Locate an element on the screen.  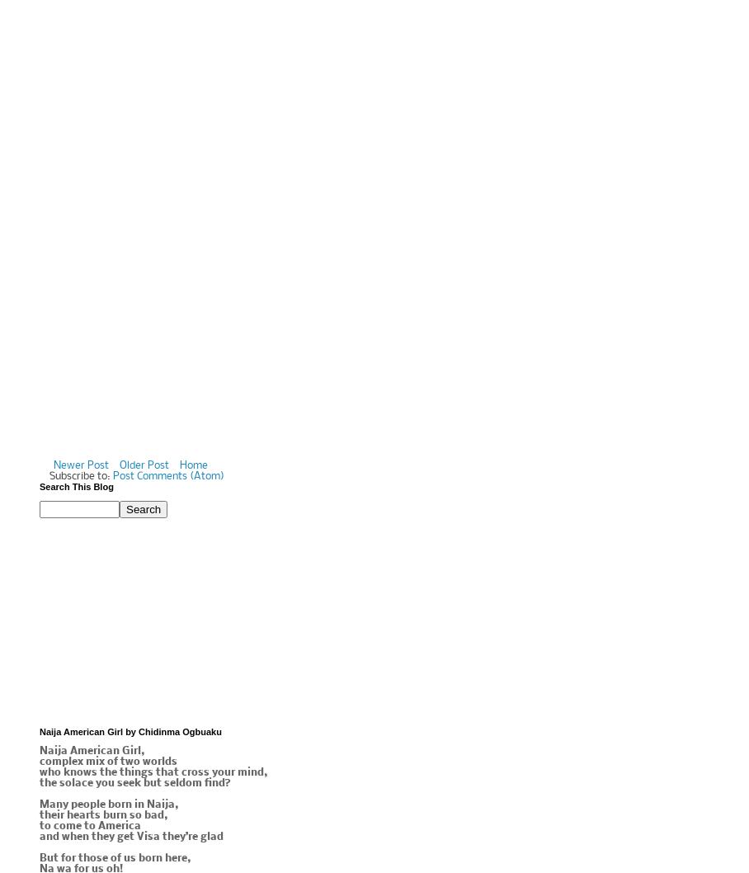
'Newer Post' is located at coordinates (54, 465).